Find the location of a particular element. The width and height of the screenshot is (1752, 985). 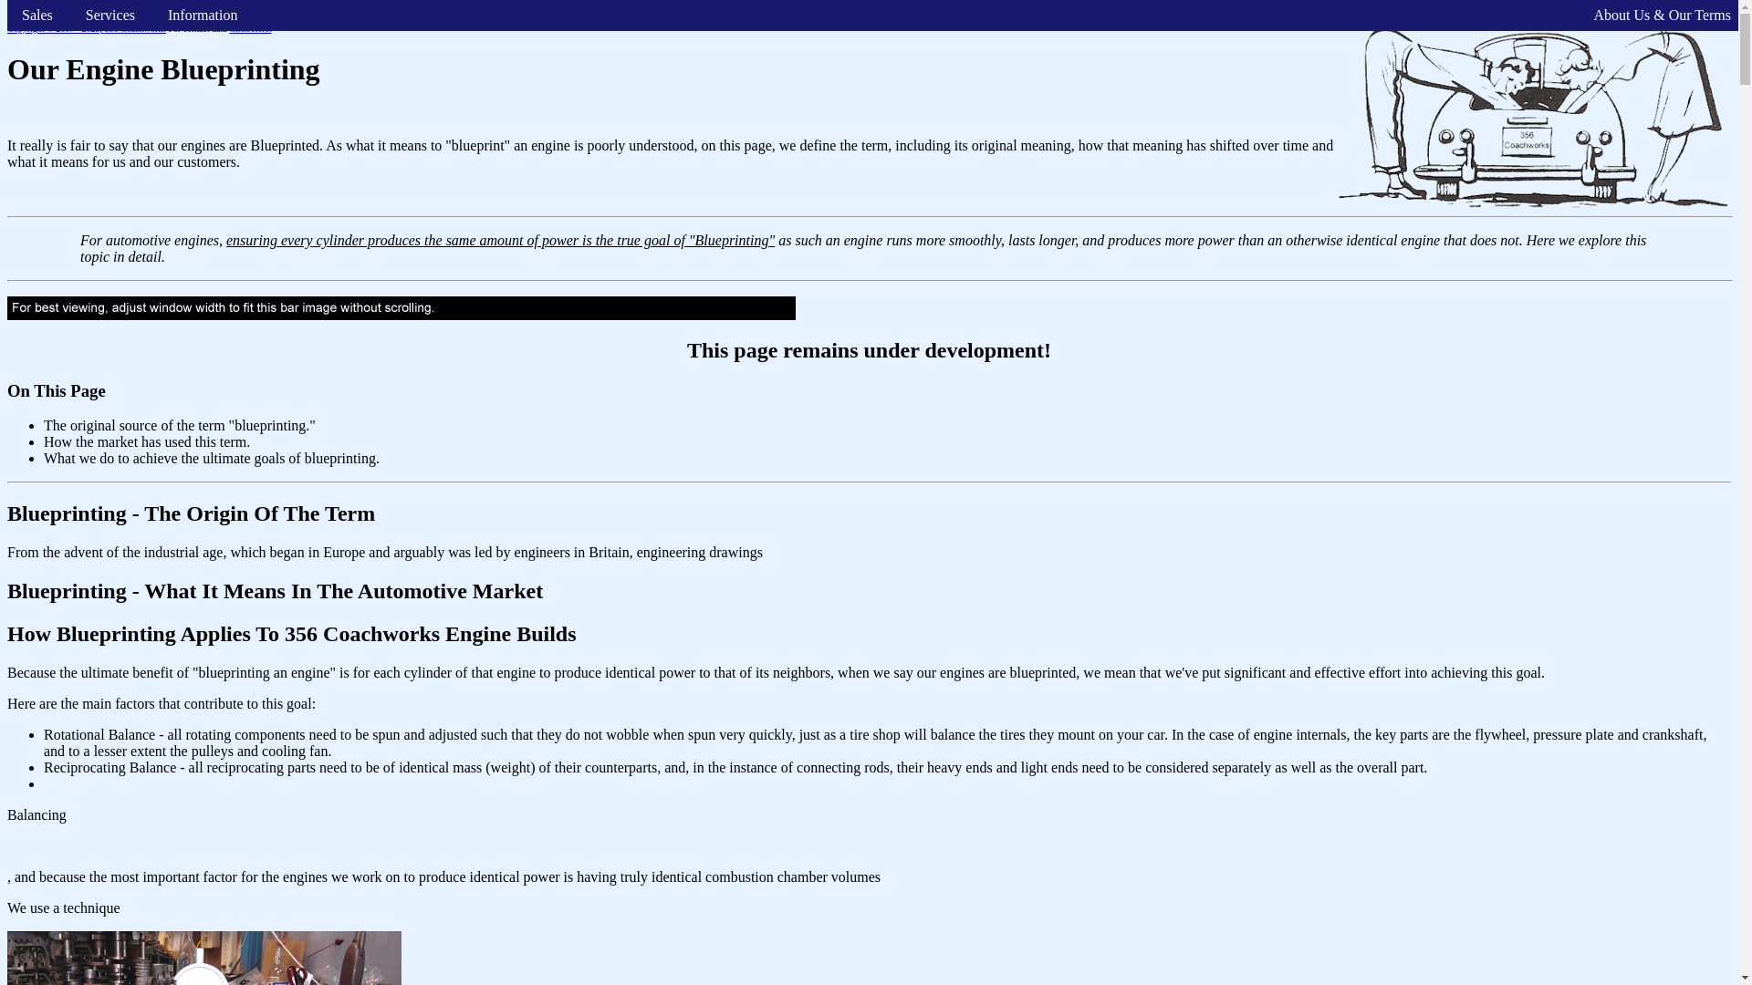

'Information' is located at coordinates (202, 15).